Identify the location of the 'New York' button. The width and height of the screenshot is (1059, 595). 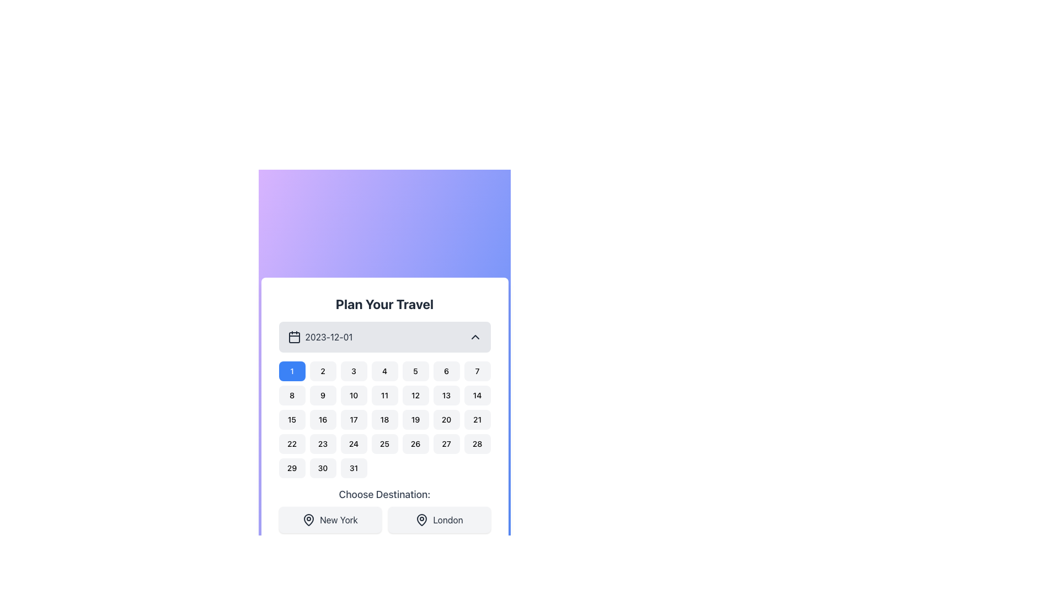
(329, 520).